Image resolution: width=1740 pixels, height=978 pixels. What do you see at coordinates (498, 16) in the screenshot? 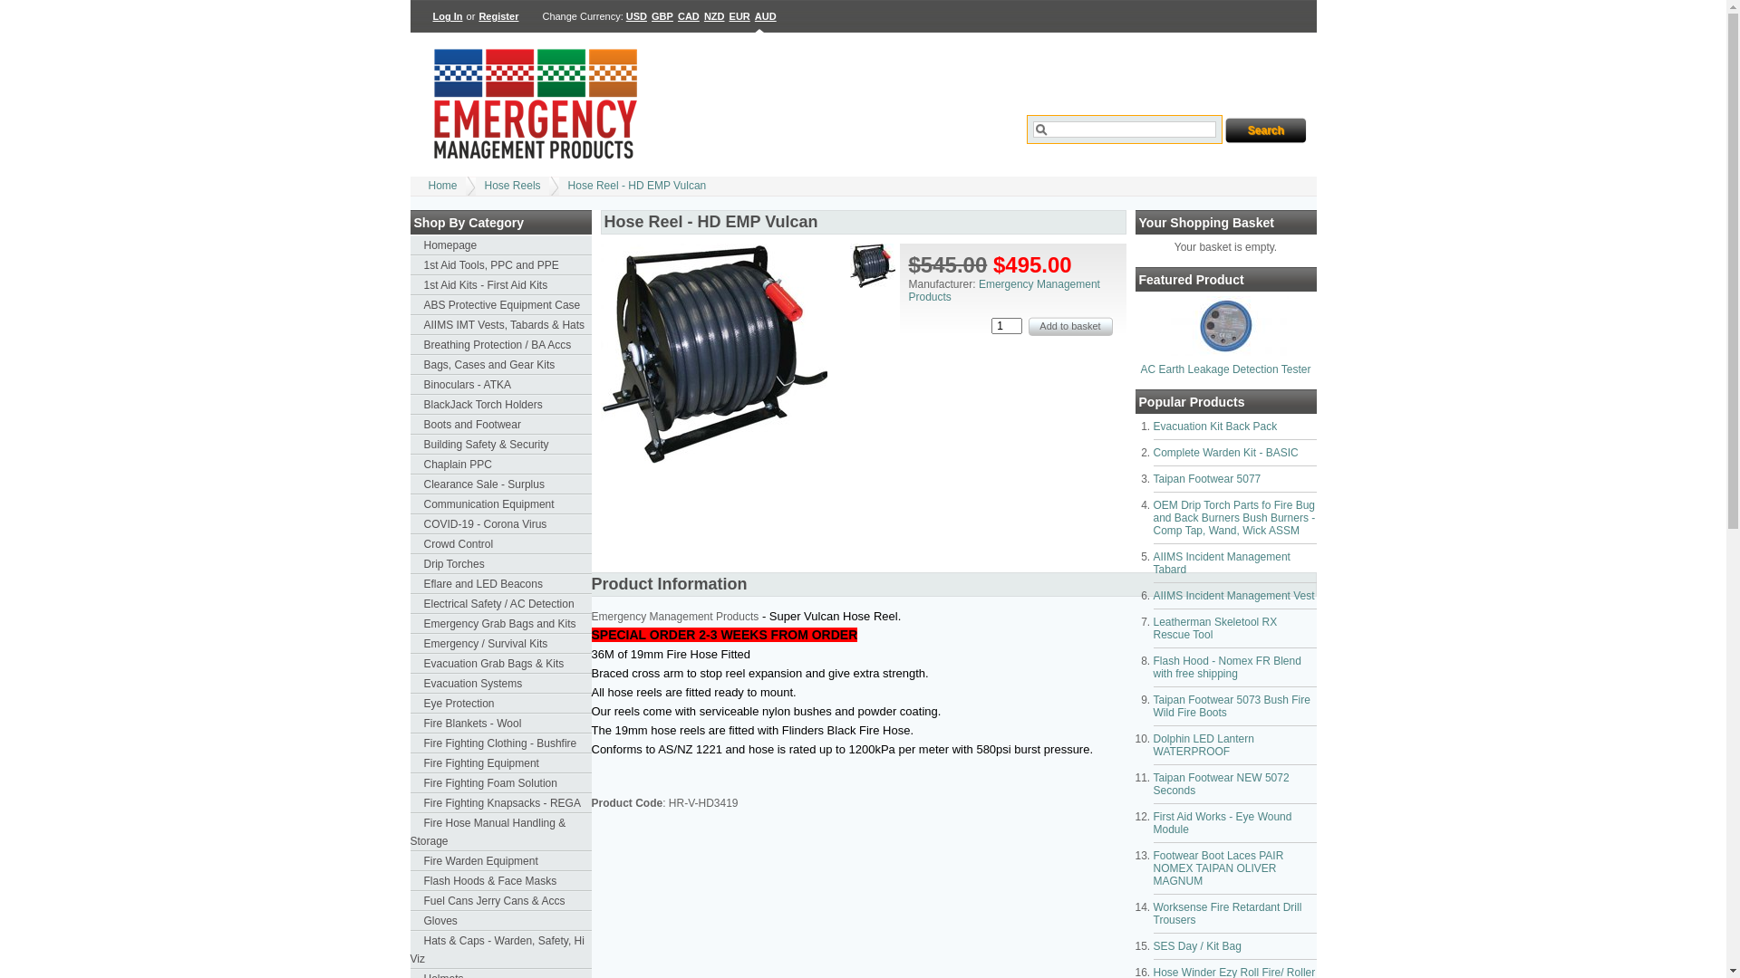
I see `'Register'` at bounding box center [498, 16].